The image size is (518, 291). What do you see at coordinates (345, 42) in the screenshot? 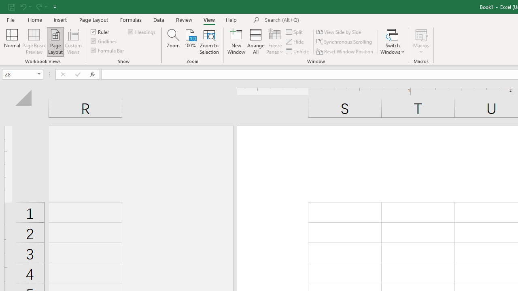
I see `'Synchronous Scrolling'` at bounding box center [345, 42].